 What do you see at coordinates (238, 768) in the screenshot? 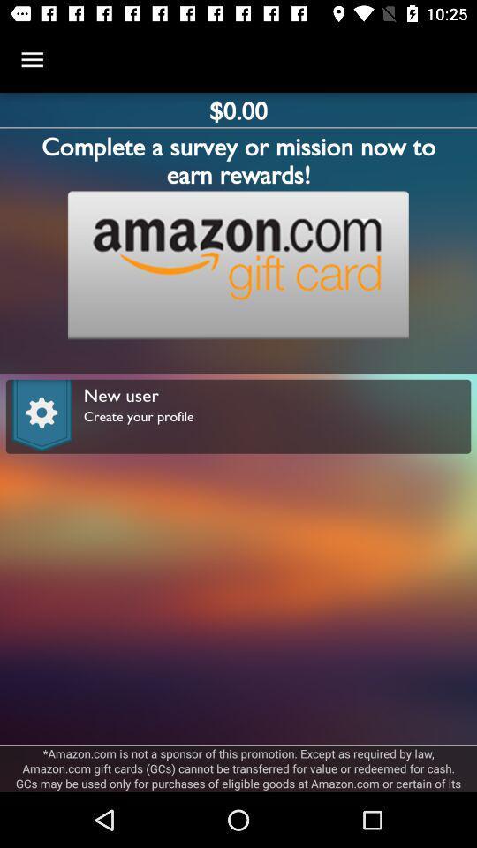
I see `amazon com is` at bounding box center [238, 768].